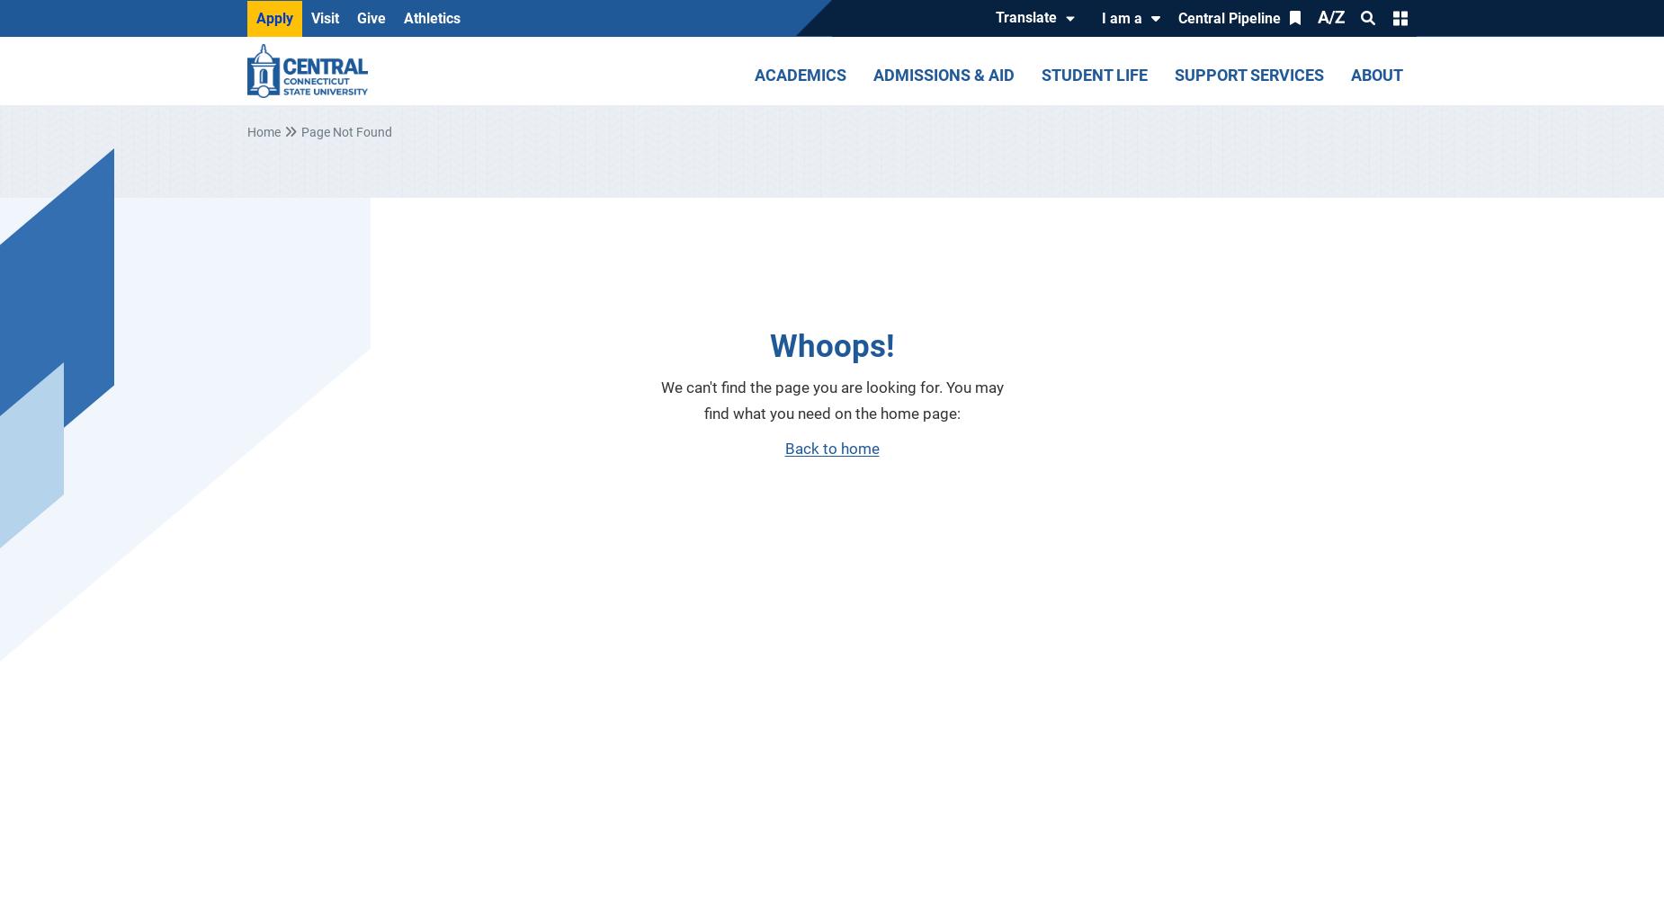  What do you see at coordinates (370, 17) in the screenshot?
I see `'Give'` at bounding box center [370, 17].